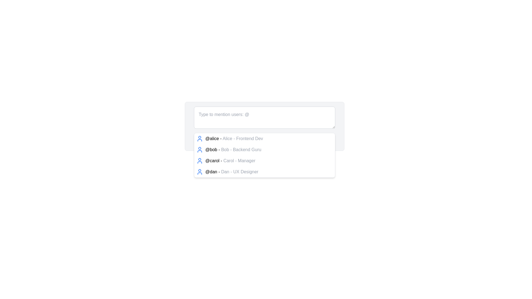 The image size is (532, 299). I want to click on the interactive list item '@dan - Dan - UX Designer', so click(232, 172).